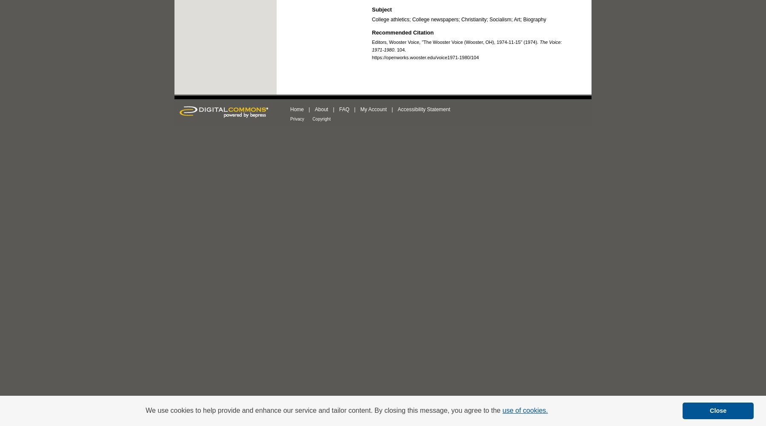 This screenshot has height=426, width=766. Describe the element at coordinates (423, 109) in the screenshot. I see `'Accessibility Statement'` at that location.